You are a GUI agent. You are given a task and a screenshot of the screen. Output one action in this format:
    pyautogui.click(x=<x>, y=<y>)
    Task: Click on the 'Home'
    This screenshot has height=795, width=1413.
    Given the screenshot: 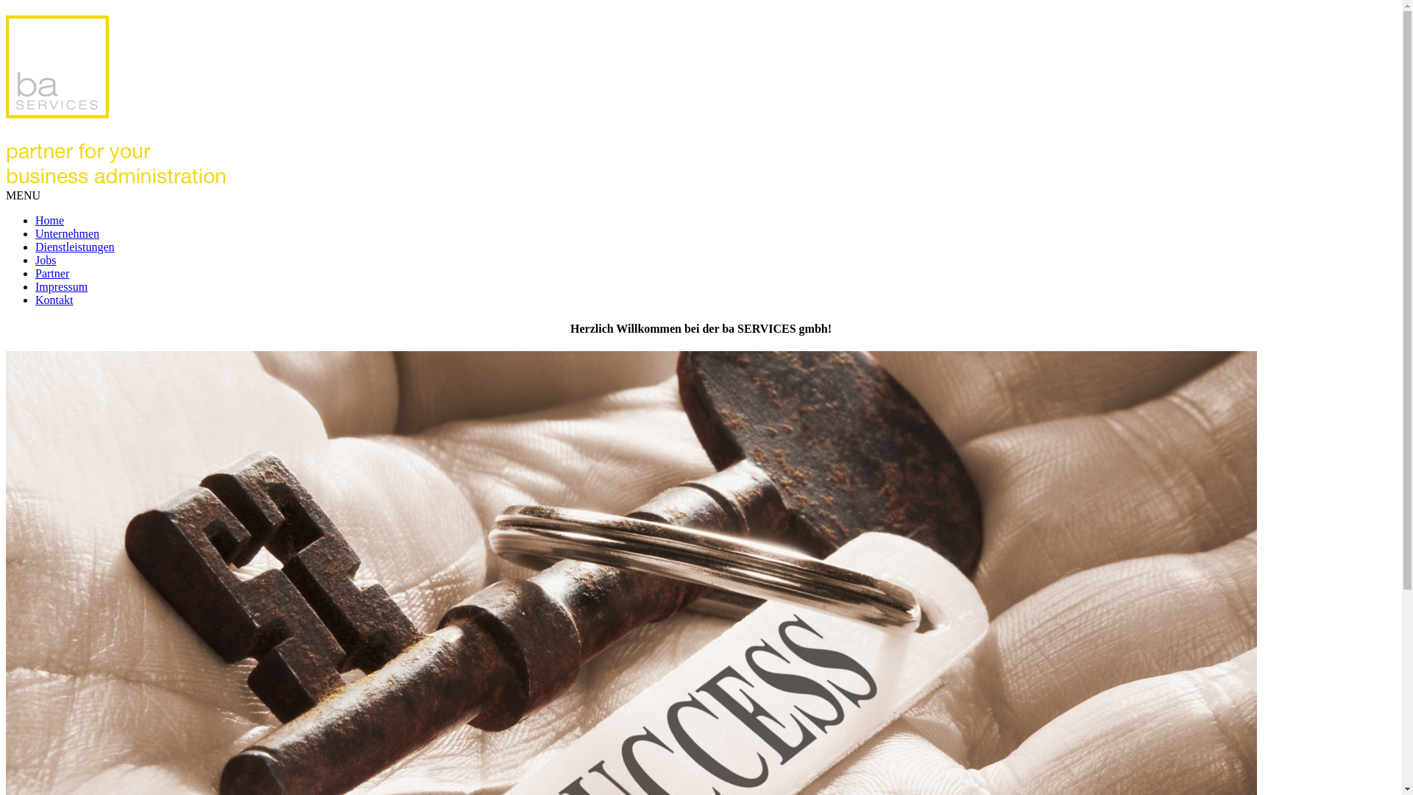 What is the action you would take?
    pyautogui.click(x=49, y=220)
    